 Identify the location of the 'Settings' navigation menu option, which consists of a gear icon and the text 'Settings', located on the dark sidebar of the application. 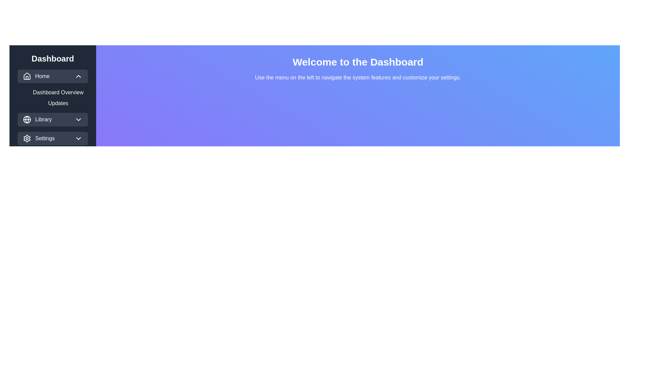
(38, 138).